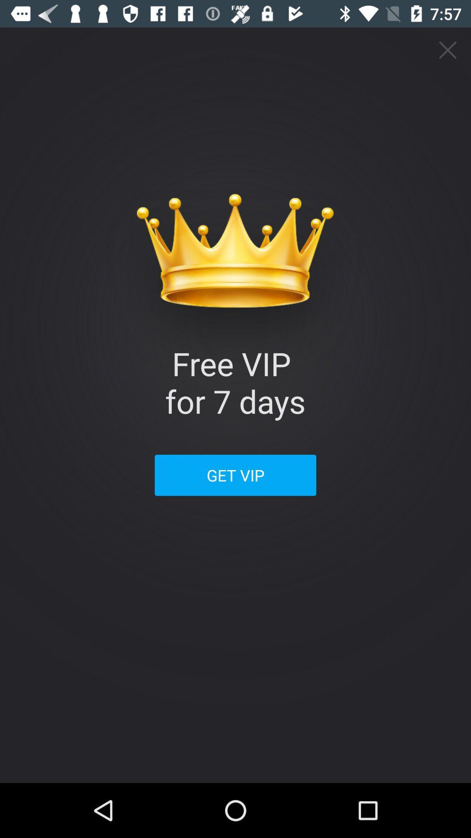 The height and width of the screenshot is (838, 471). What do you see at coordinates (235, 475) in the screenshot?
I see `get vip` at bounding box center [235, 475].